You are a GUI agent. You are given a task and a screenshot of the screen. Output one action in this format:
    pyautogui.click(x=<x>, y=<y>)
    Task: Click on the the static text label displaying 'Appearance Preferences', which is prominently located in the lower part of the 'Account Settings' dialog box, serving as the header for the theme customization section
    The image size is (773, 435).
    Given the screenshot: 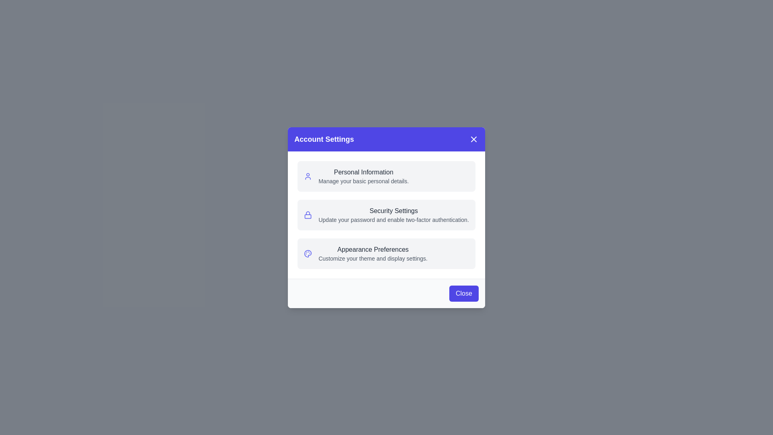 What is the action you would take?
    pyautogui.click(x=372, y=249)
    